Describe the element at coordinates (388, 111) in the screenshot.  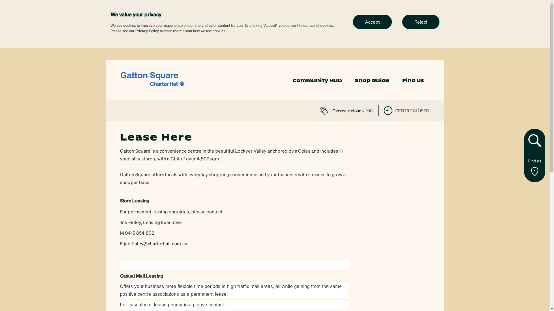
I see `'time'` at that location.